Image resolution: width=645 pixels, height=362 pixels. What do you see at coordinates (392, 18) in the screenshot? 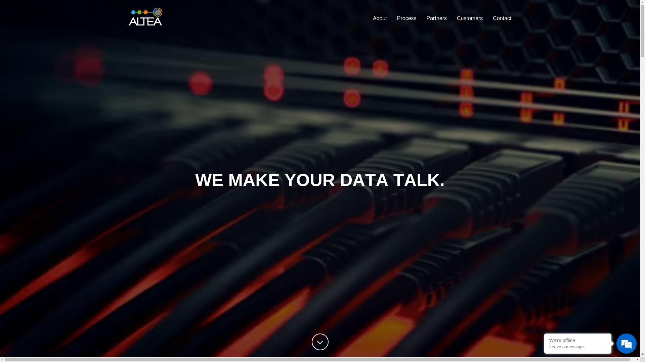
I see `'Process'` at bounding box center [392, 18].